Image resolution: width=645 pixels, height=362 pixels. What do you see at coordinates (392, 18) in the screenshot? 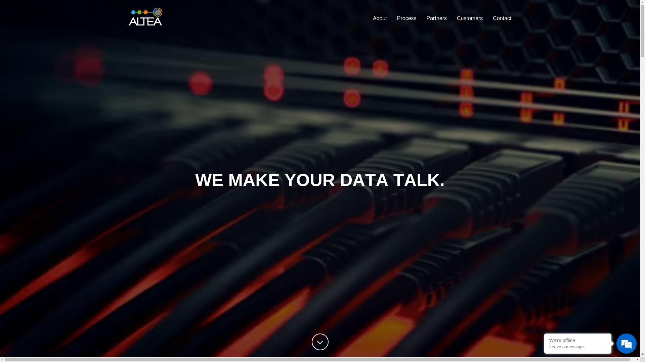
I see `'Process'` at bounding box center [392, 18].